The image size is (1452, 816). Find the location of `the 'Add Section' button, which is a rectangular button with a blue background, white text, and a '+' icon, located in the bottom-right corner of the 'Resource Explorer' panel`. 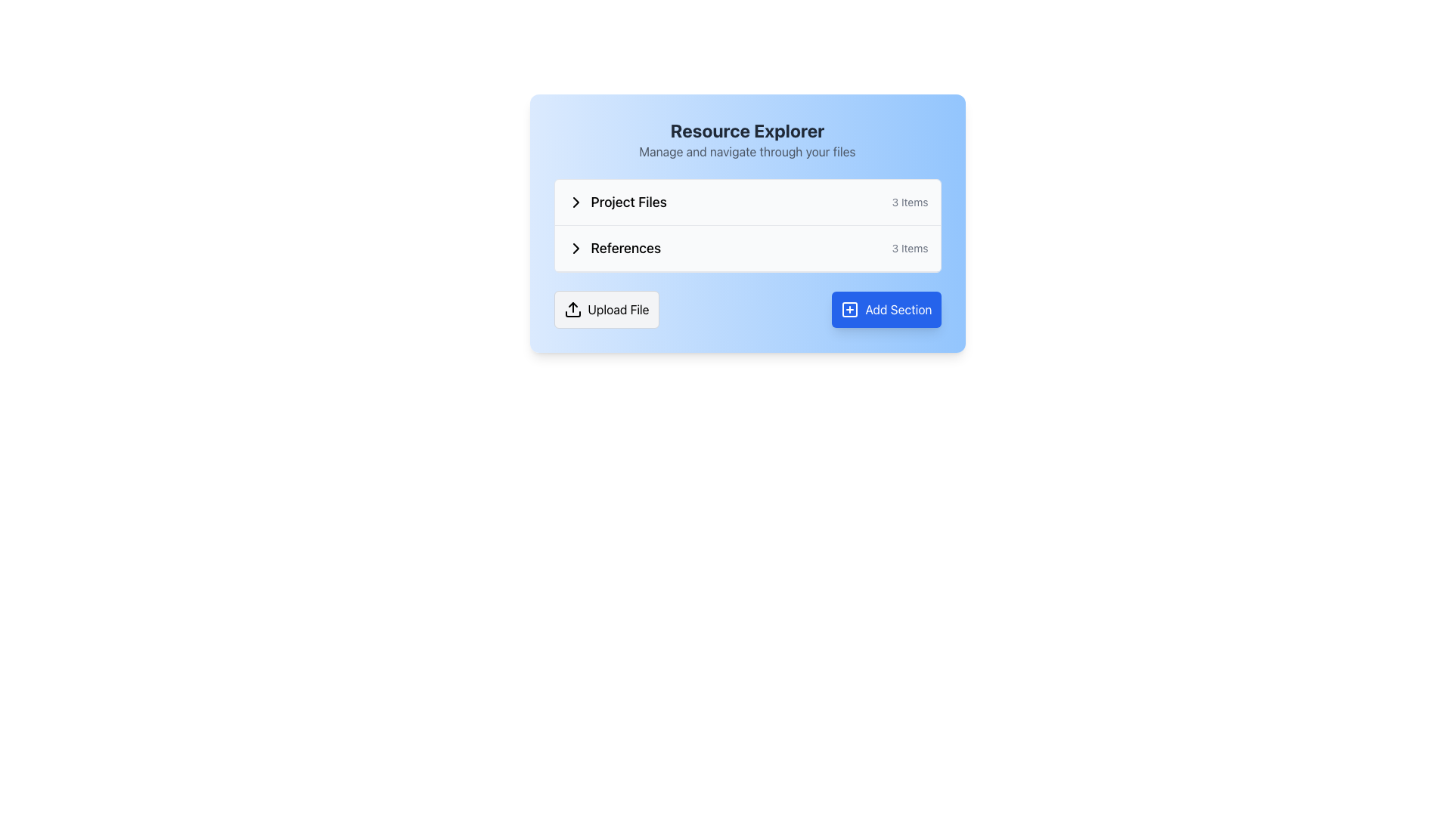

the 'Add Section' button, which is a rectangular button with a blue background, white text, and a '+' icon, located in the bottom-right corner of the 'Resource Explorer' panel is located at coordinates (886, 308).